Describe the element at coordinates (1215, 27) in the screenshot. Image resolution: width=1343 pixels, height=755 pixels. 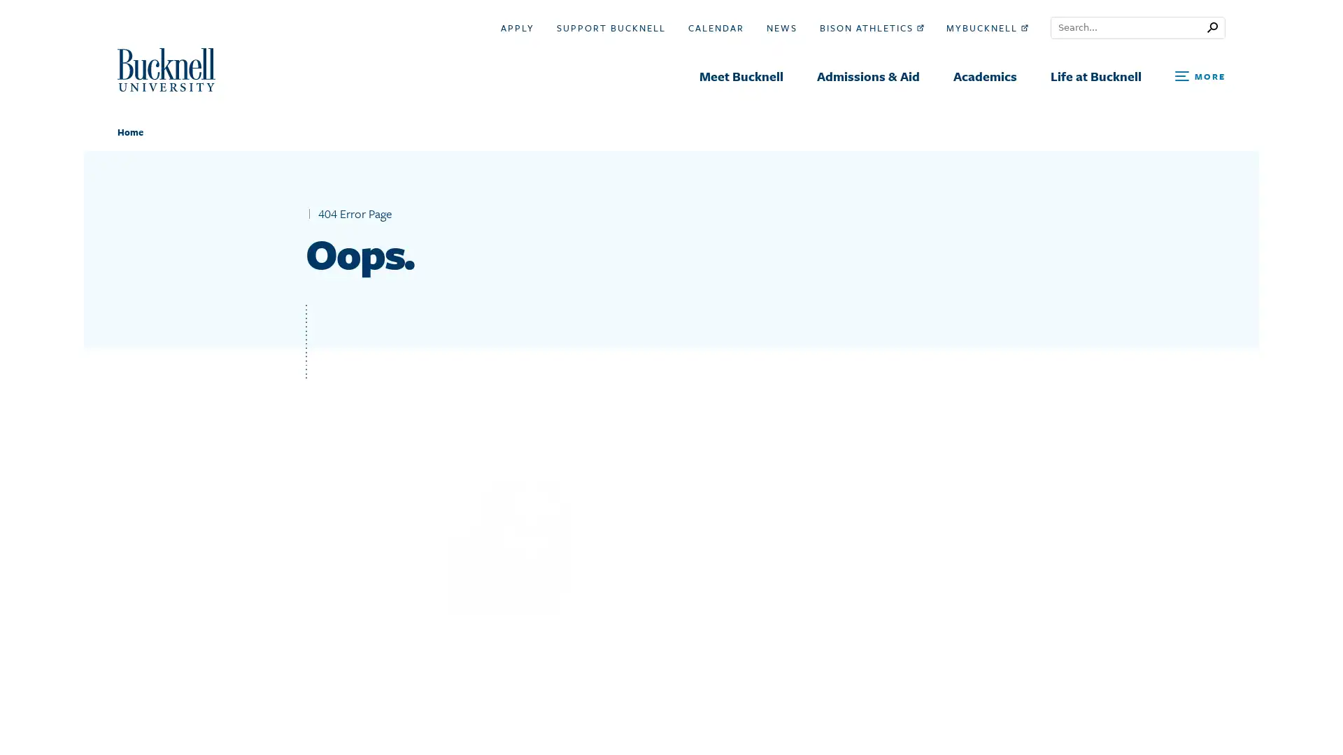
I see `Submit` at that location.